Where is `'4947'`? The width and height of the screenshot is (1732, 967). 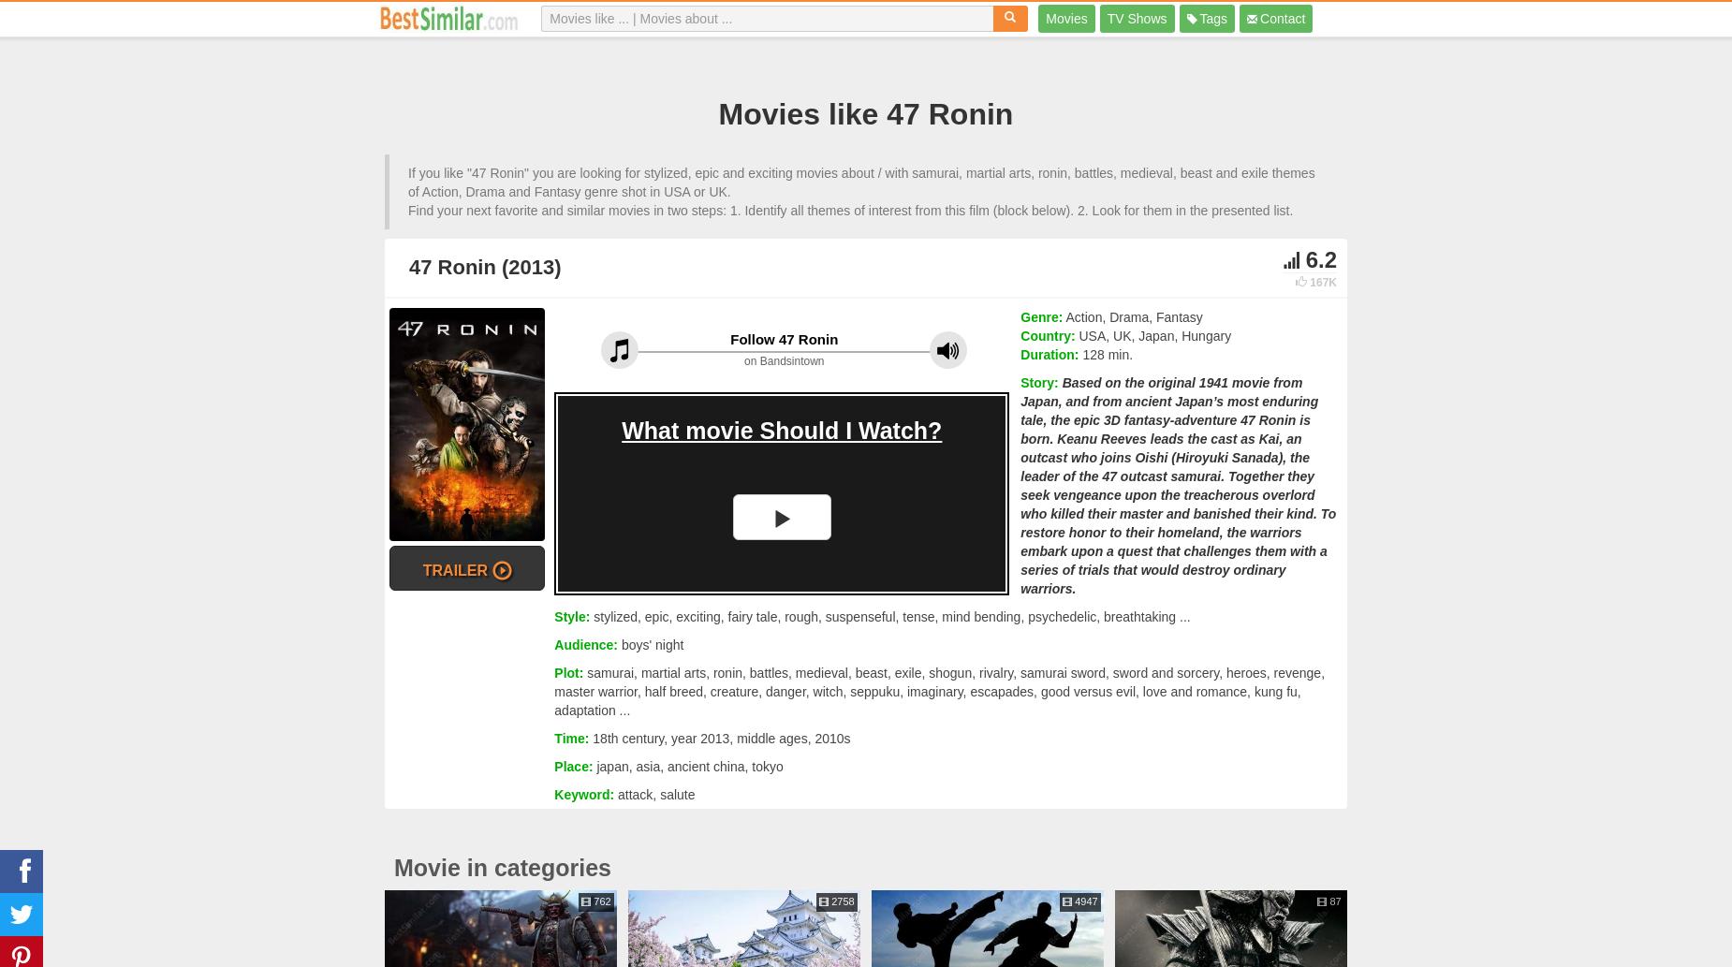
'4947' is located at coordinates (1083, 900).